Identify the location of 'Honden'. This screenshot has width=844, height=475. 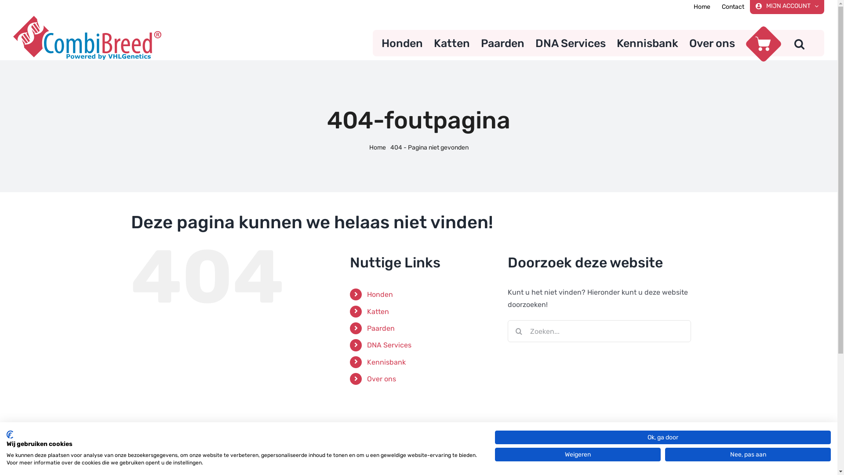
(402, 43).